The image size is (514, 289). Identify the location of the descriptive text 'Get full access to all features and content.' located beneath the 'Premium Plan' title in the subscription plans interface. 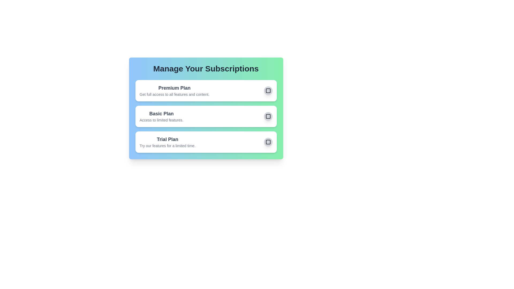
(174, 94).